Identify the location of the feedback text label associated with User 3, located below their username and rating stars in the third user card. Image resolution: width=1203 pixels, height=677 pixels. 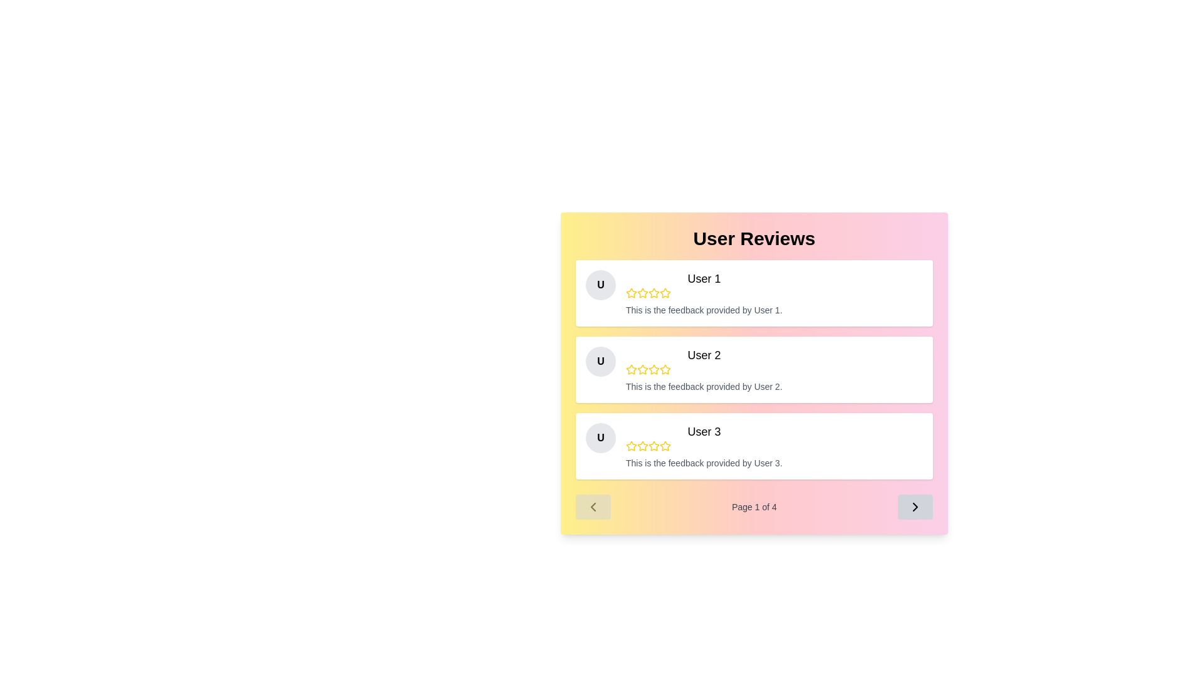
(704, 463).